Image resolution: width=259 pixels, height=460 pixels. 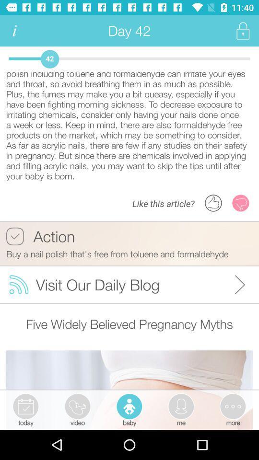 I want to click on like the article, so click(x=213, y=203).